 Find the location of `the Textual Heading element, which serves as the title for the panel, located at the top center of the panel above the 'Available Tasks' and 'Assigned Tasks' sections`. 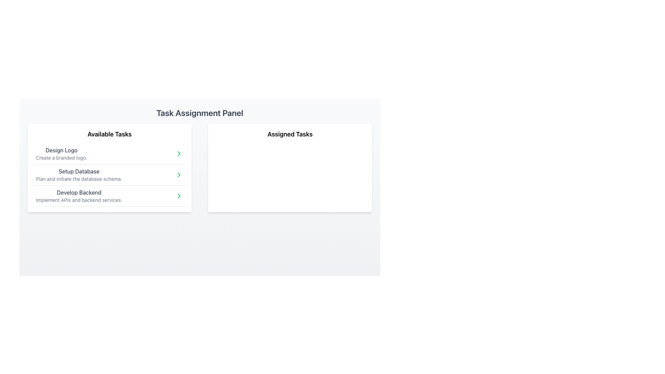

the Textual Heading element, which serves as the title for the panel, located at the top center of the panel above the 'Available Tasks' and 'Assigned Tasks' sections is located at coordinates (199, 113).